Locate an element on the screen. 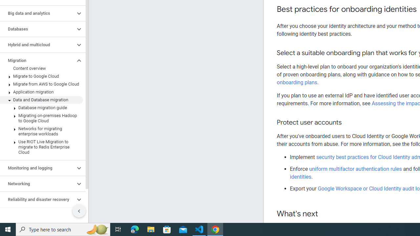 This screenshot has width=420, height=236. 'Migrating on-premises Hadoop to Google Cloud' is located at coordinates (41, 118).